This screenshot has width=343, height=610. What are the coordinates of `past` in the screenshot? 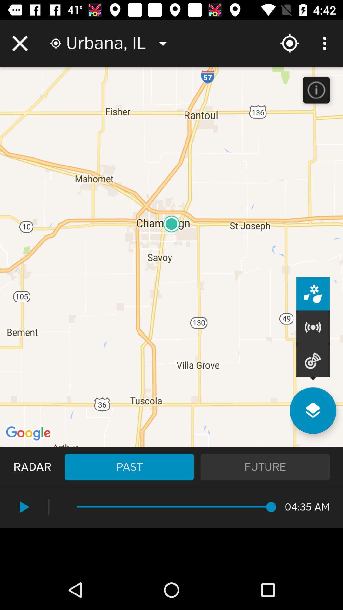 It's located at (129, 467).